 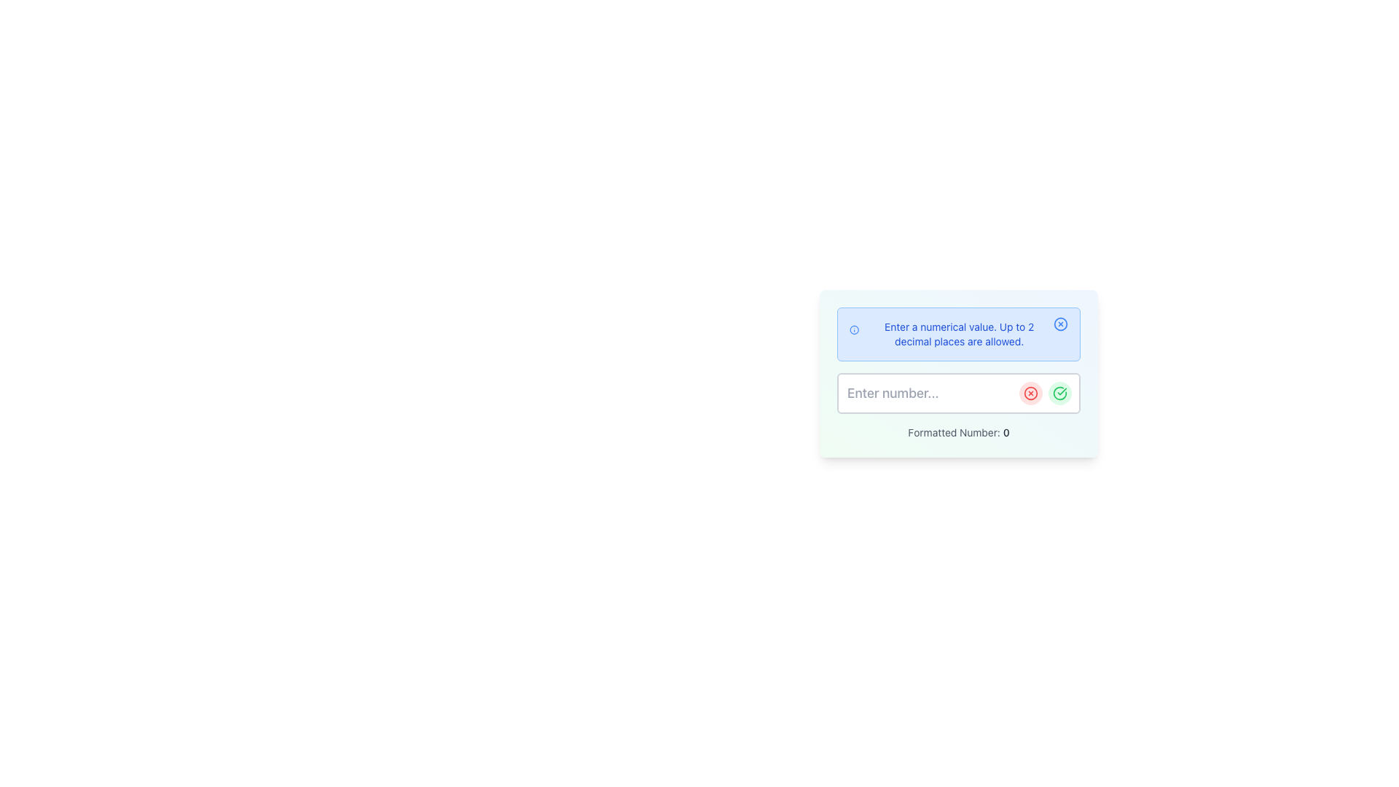 What do you see at coordinates (1006, 431) in the screenshot?
I see `the Display text showing the formatted numerical value '0', which is located below the input field with the placeholder 'Enter number...' and within a card with a light background` at bounding box center [1006, 431].